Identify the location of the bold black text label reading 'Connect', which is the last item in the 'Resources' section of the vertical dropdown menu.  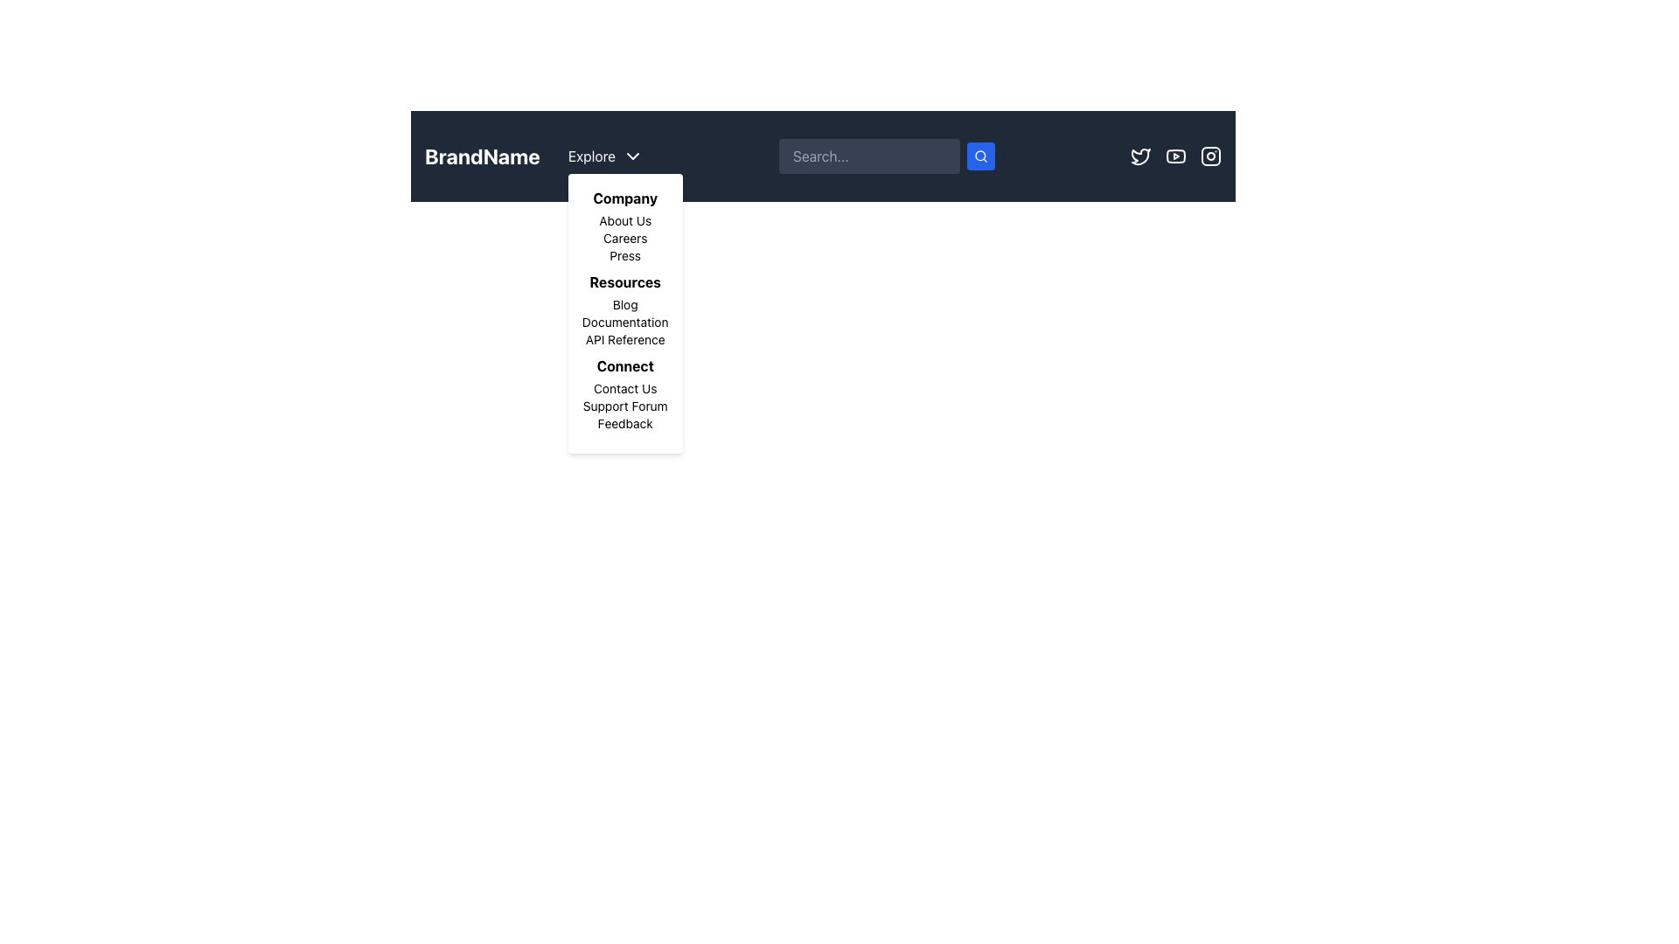
(625, 365).